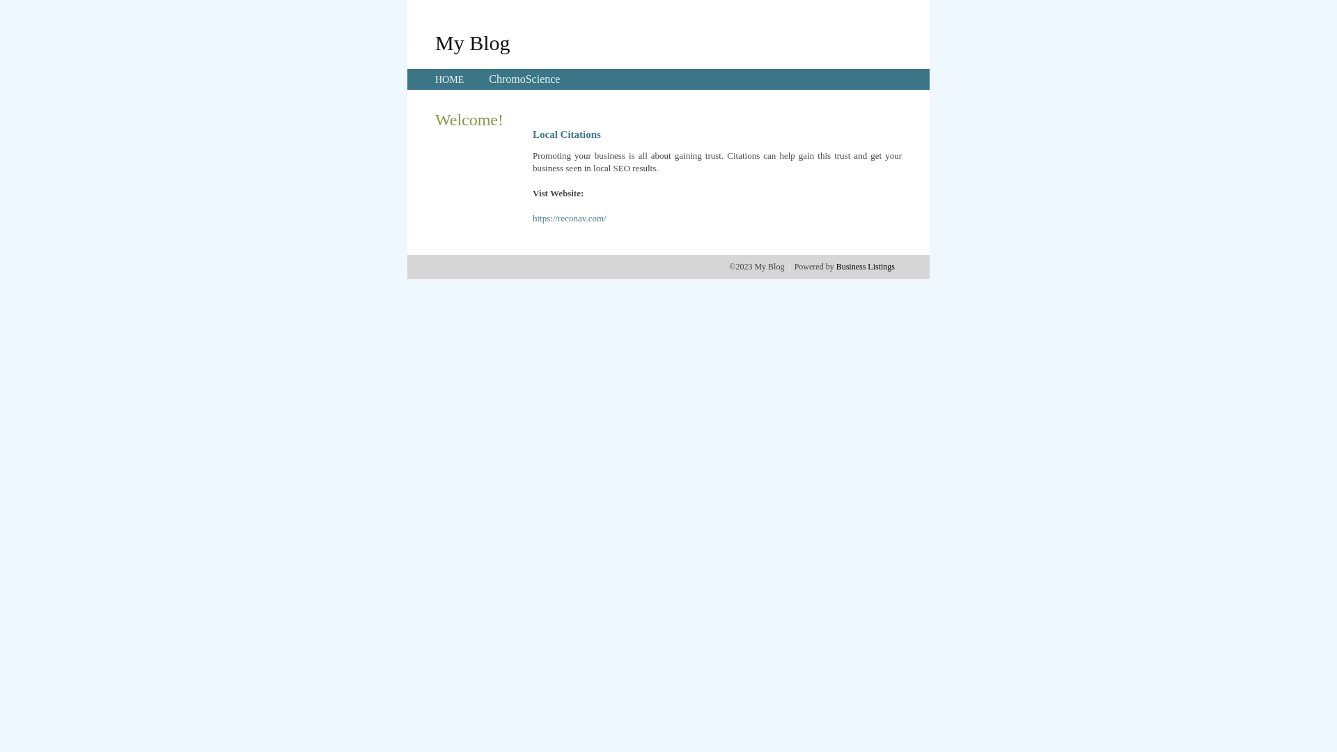 This screenshot has width=1337, height=752. I want to click on 'HOME', so click(449, 79).